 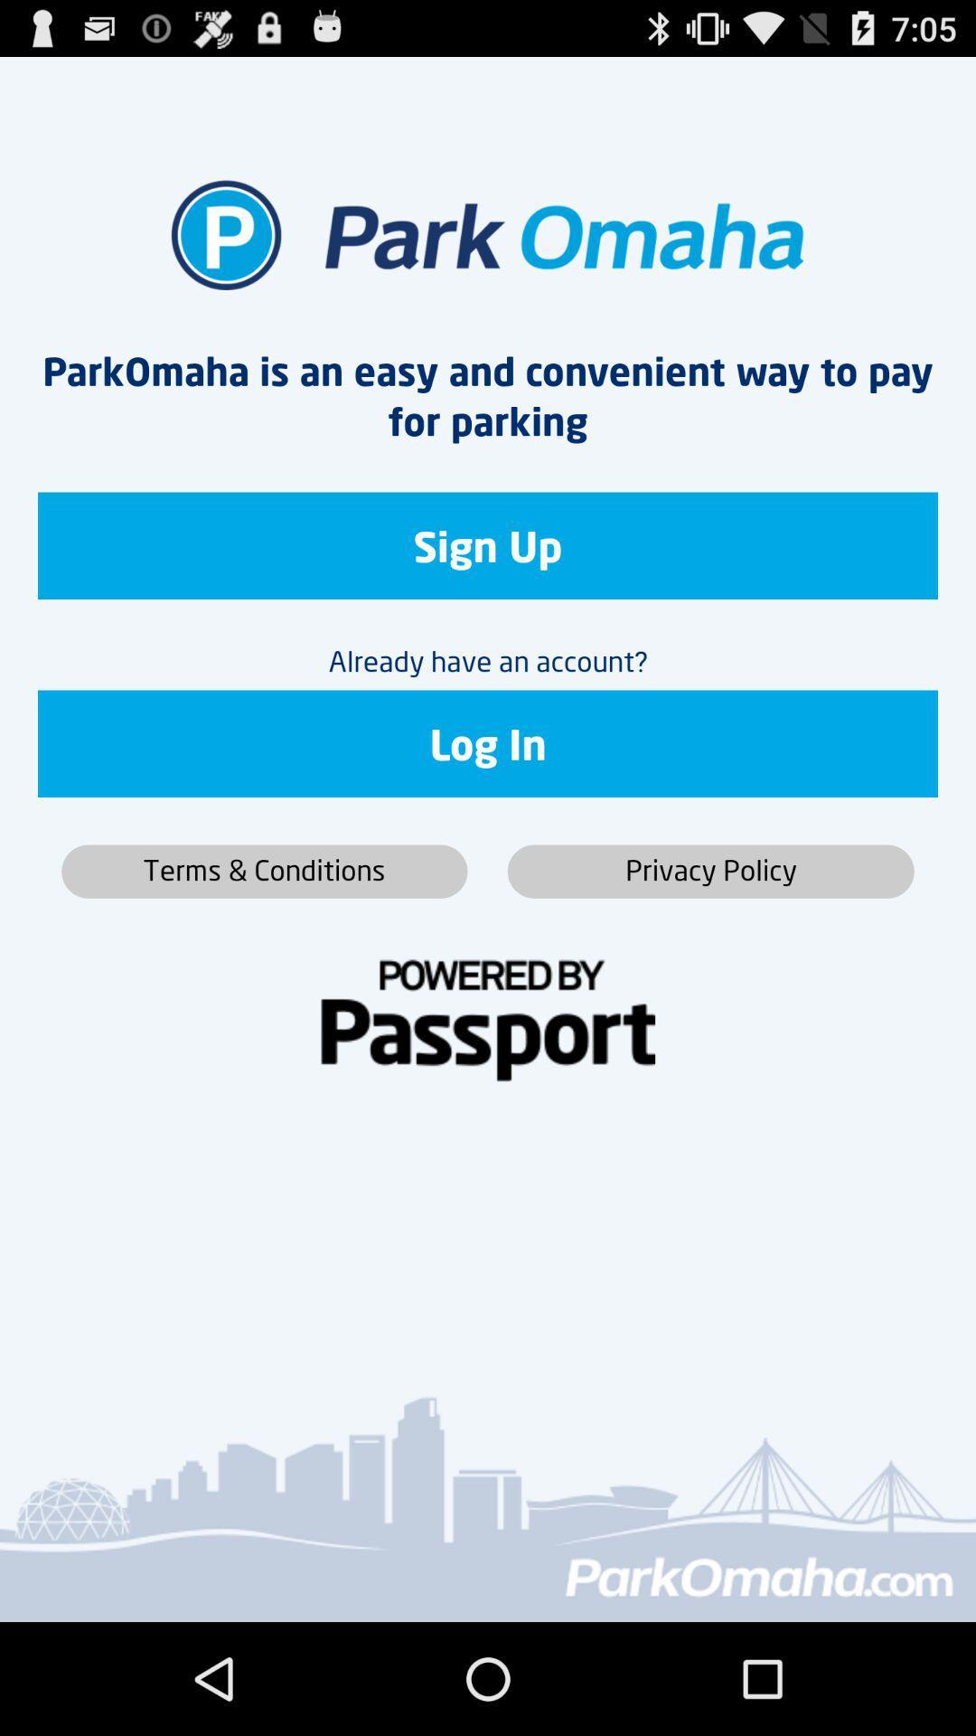 What do you see at coordinates (488, 544) in the screenshot?
I see `the icon below the parkomaha is an icon` at bounding box center [488, 544].